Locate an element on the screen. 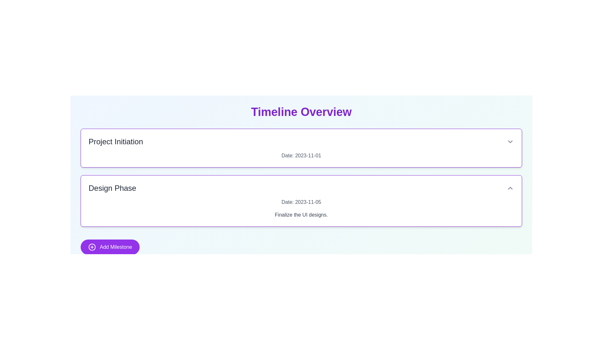 This screenshot has height=344, width=612. the text element displaying 'Finalize the UI designs.' located at the bottom of the 'Design Phase' section is located at coordinates (301, 215).